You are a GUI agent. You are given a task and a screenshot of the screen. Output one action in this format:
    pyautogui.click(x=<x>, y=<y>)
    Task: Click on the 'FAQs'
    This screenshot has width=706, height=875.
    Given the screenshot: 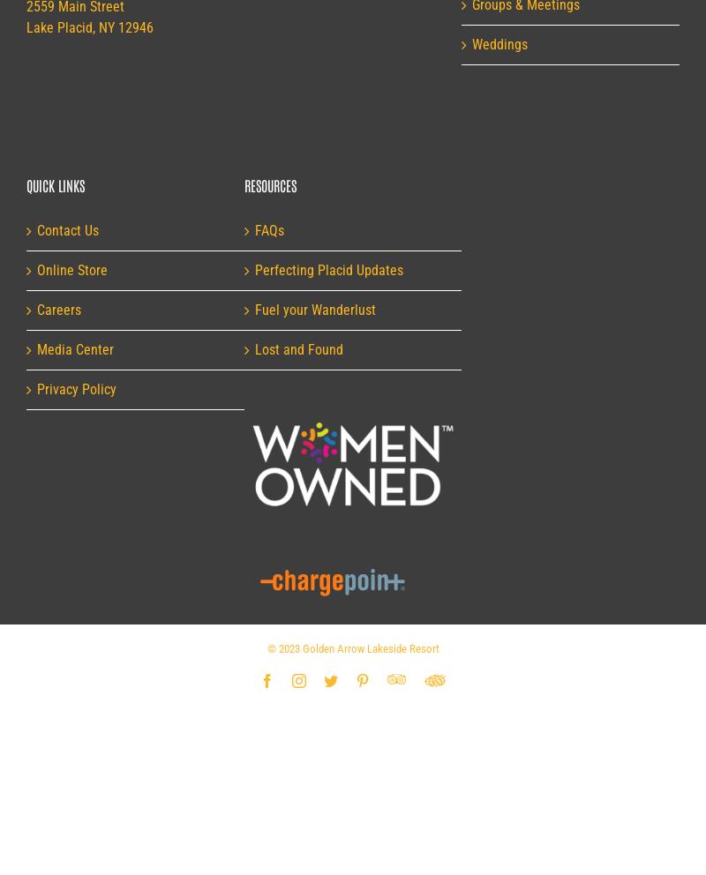 What is the action you would take?
    pyautogui.click(x=267, y=229)
    